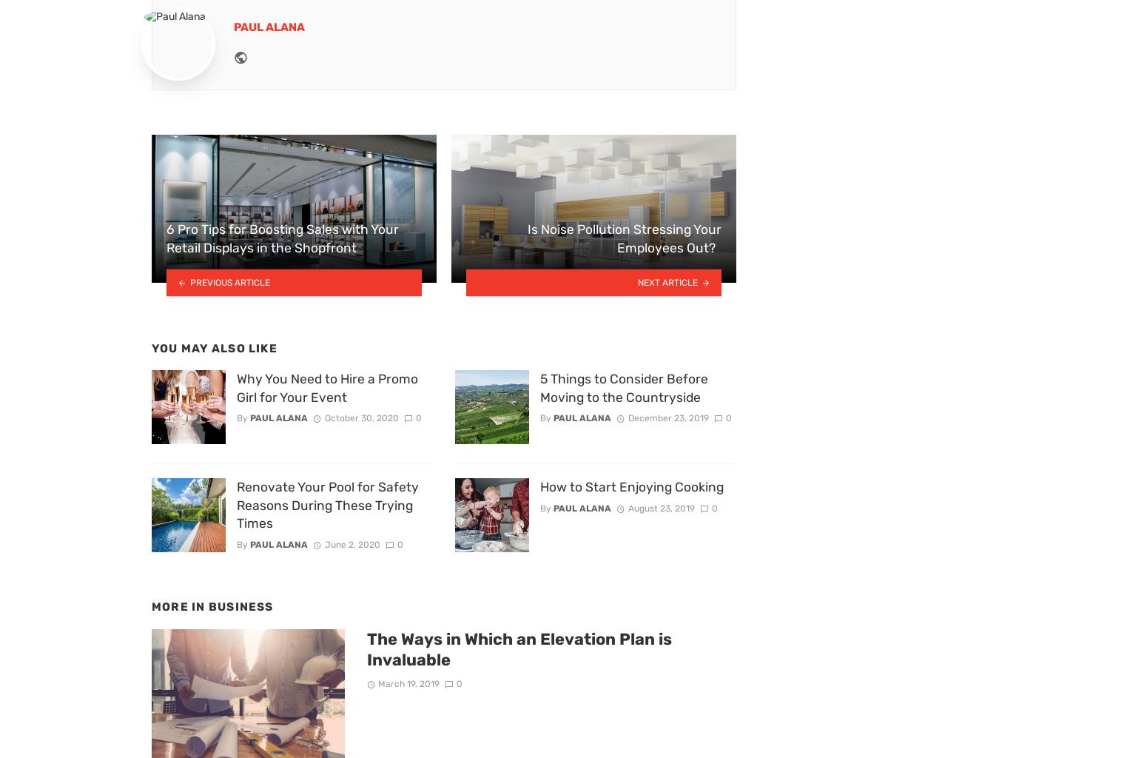 The image size is (1147, 758). I want to click on 'The Ways in Which an Elevation Plan is Invaluable', so click(519, 648).